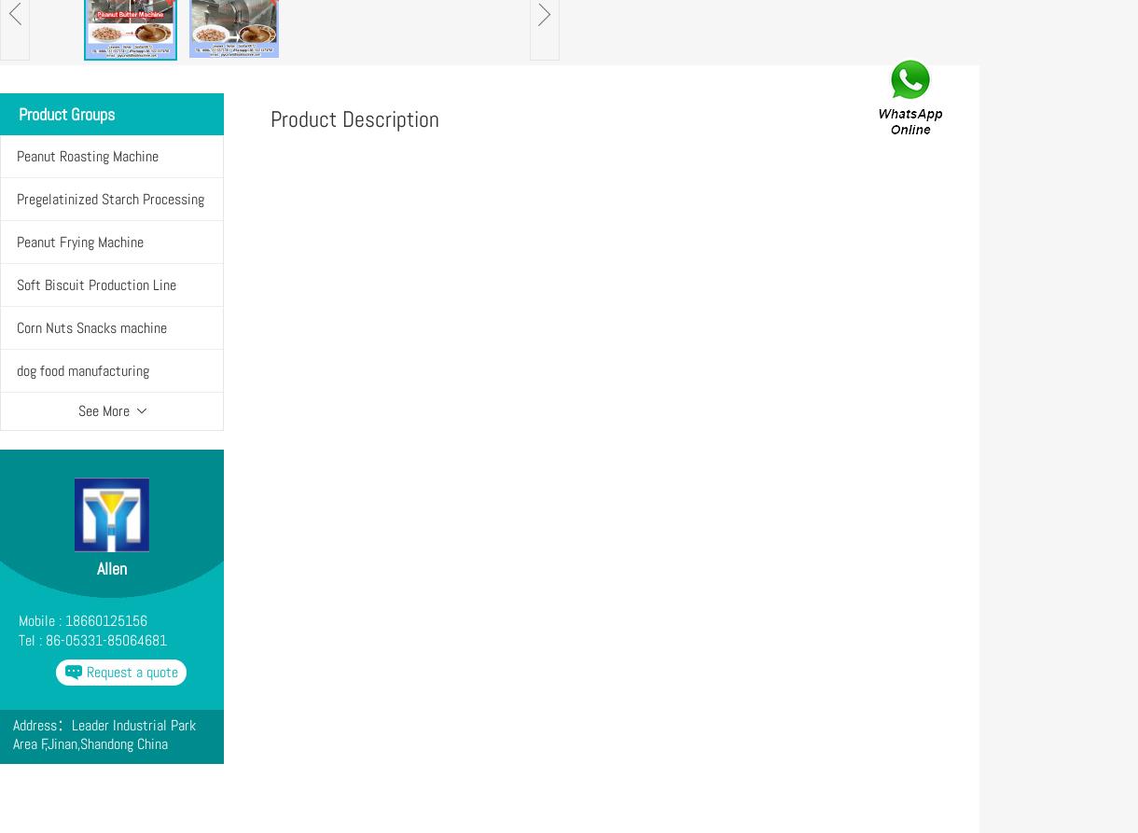  Describe the element at coordinates (79, 241) in the screenshot. I see `'Peanut Frying Machine'` at that location.